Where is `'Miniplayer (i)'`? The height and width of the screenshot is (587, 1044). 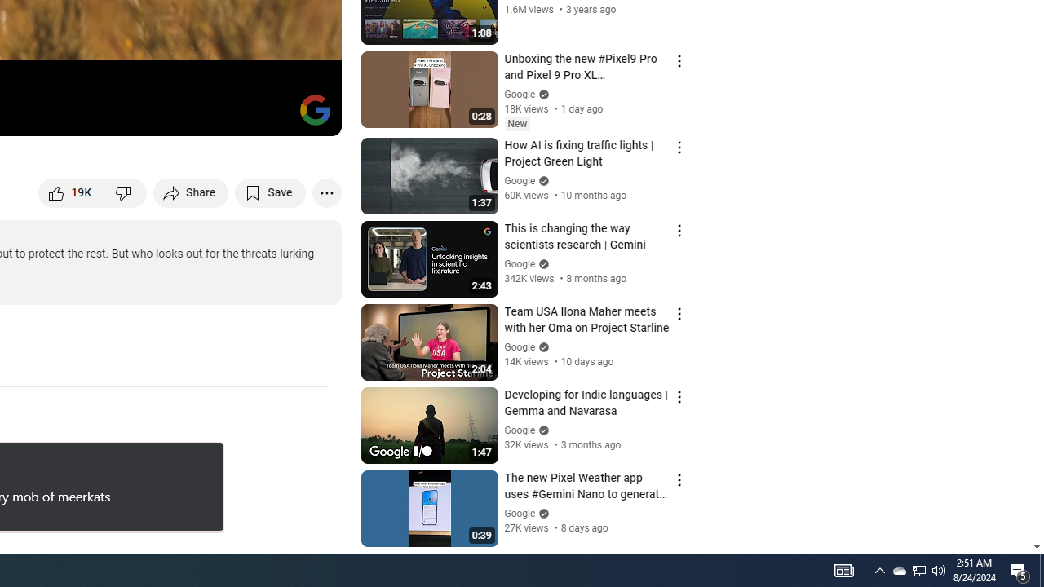
'Miniplayer (i)' is located at coordinates (232, 115).